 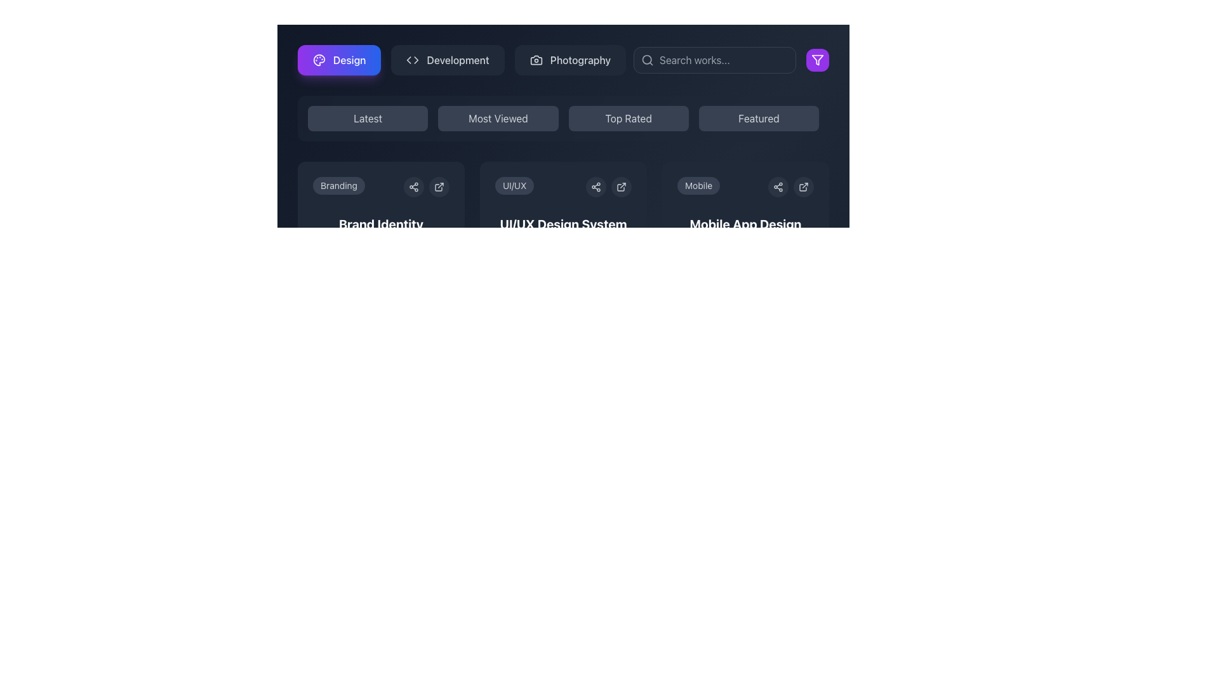 I want to click on the leftmost circular button with a dark gray background and a lighter gray network icon, so click(x=414, y=186).